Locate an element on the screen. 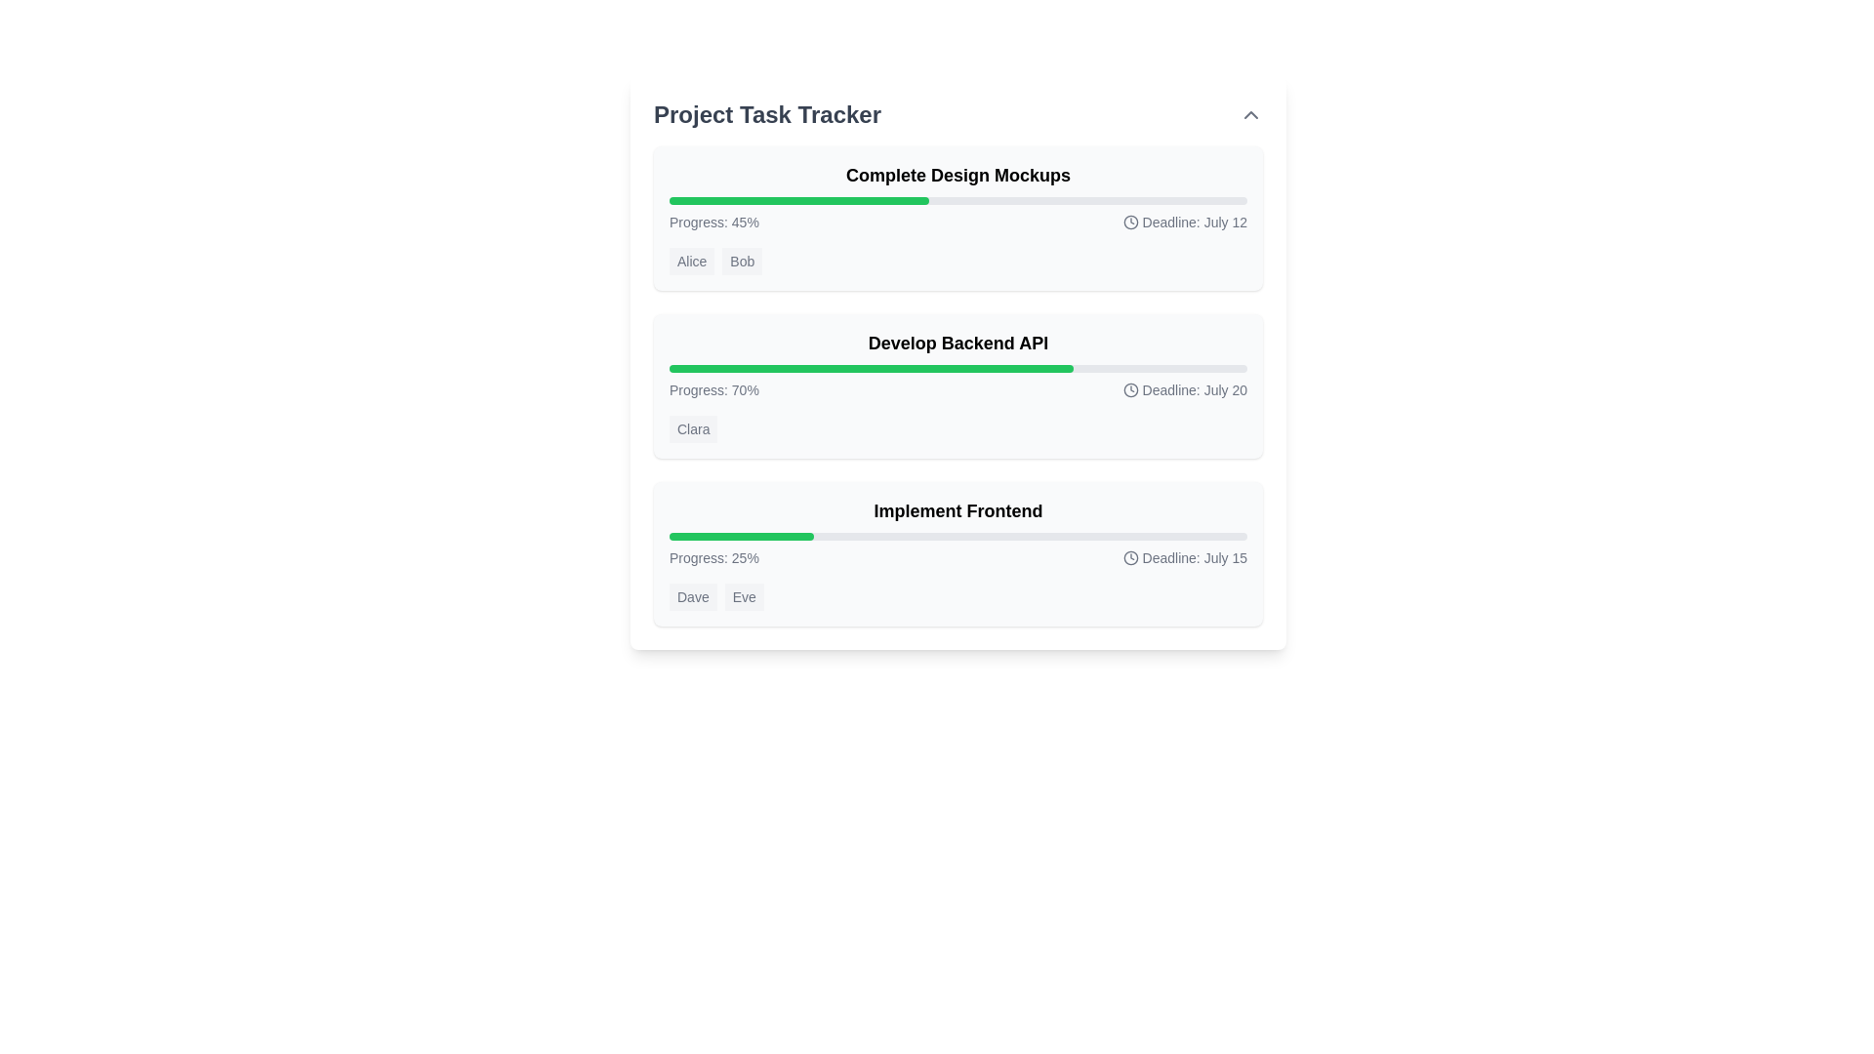 The width and height of the screenshot is (1874, 1054). the text label indicating the user 'Alice' associated with the task 'Complete Design Mockups' to trigger a tooltip is located at coordinates (692, 260).